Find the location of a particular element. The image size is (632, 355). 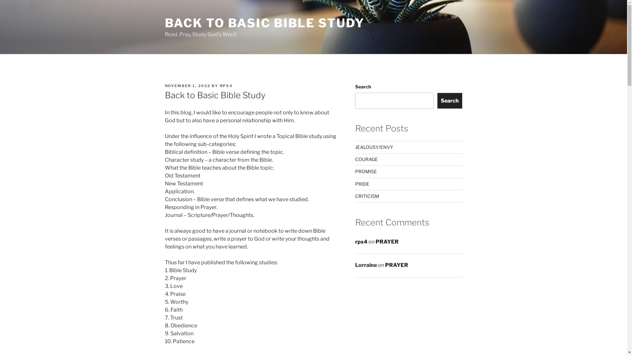

'PRAYER' is located at coordinates (385, 265).